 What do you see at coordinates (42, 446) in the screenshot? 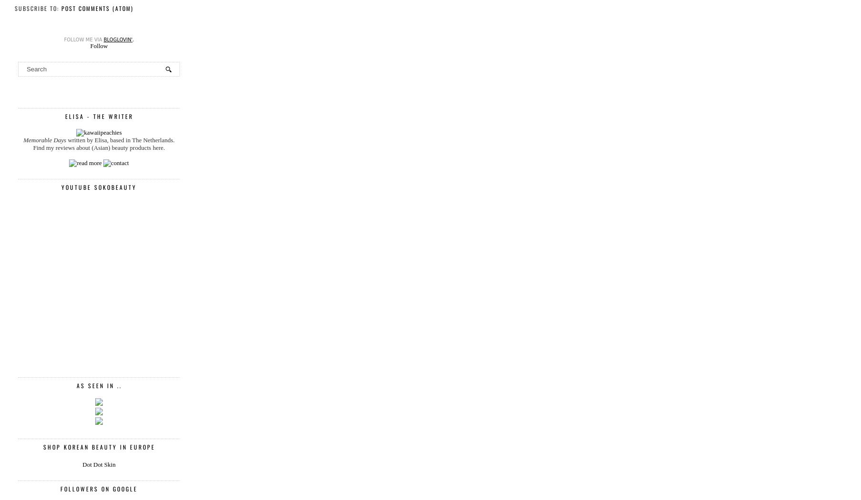
I see `'Shop Korean Beauty in Europe'` at bounding box center [42, 446].